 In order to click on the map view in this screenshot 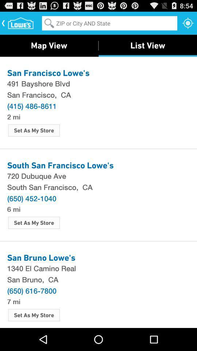, I will do `click(49, 45)`.